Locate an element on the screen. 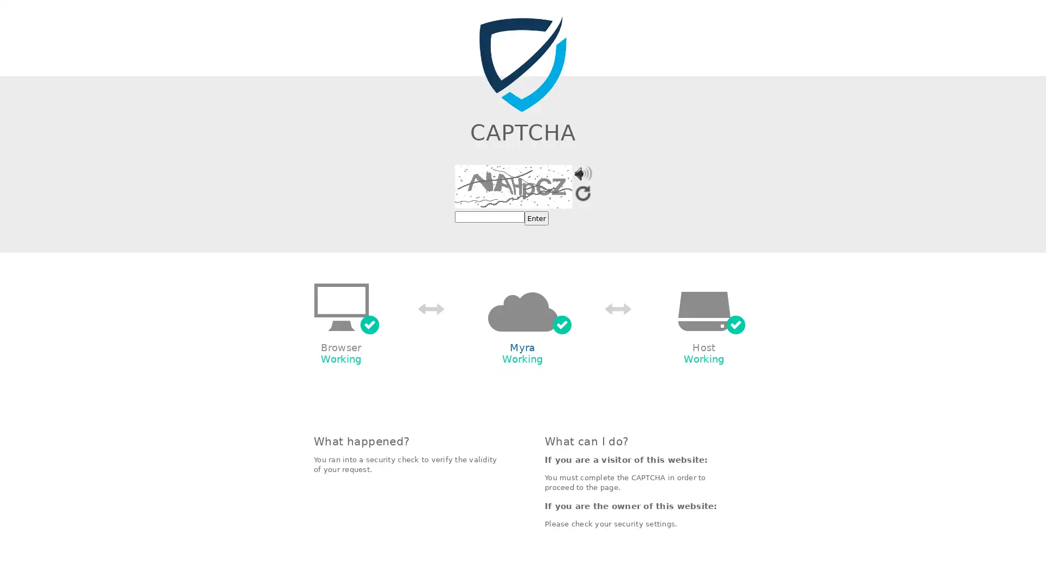 This screenshot has height=588, width=1046. Enter is located at coordinates (536, 218).